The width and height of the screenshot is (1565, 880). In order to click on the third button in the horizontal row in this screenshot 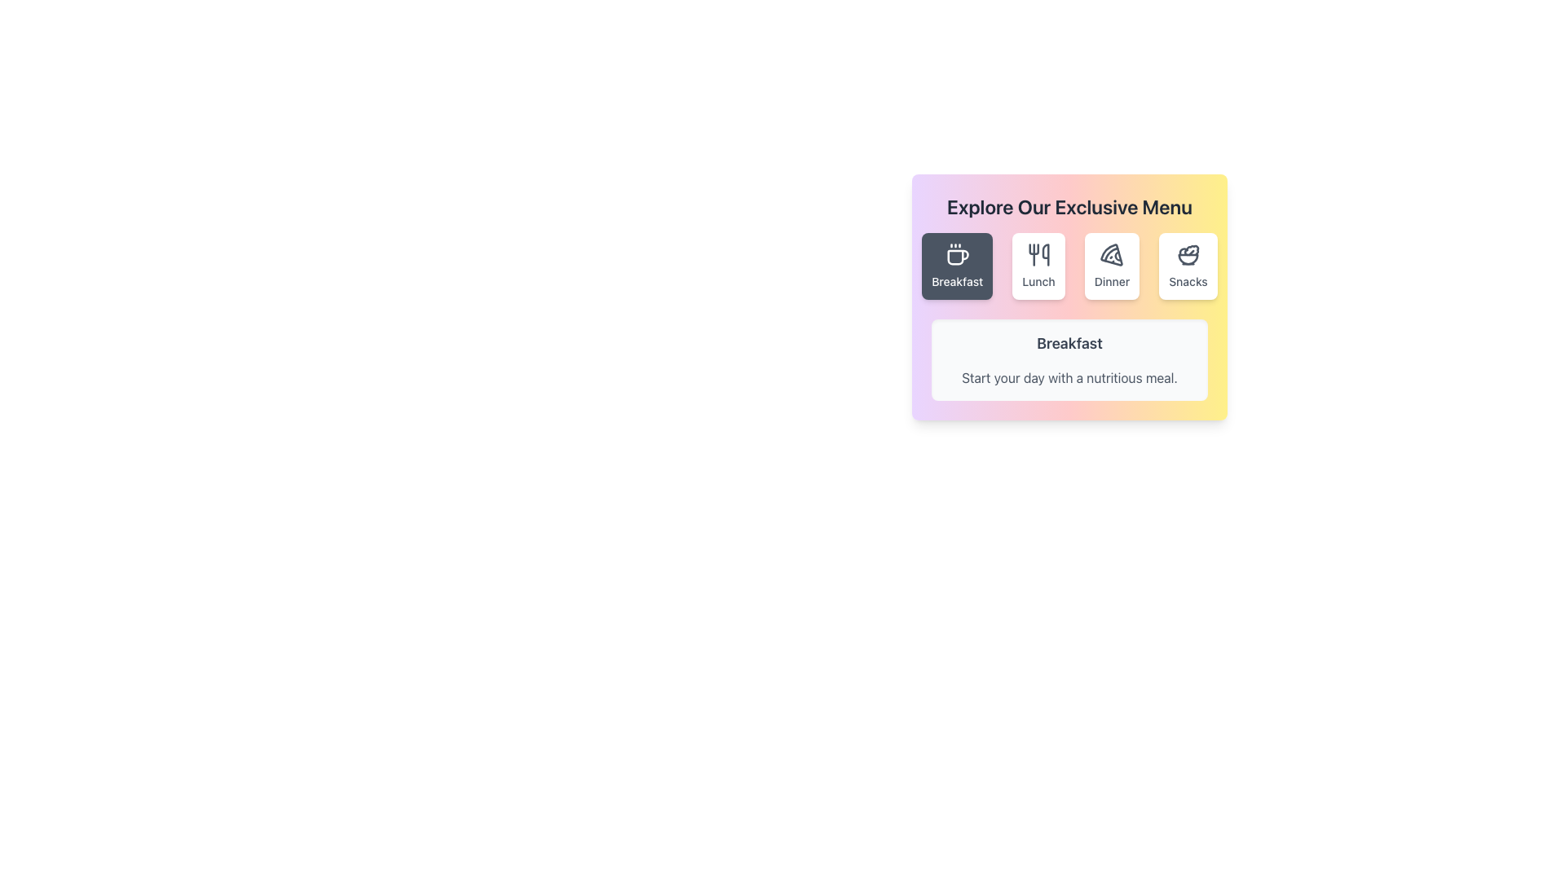, I will do `click(1111, 266)`.